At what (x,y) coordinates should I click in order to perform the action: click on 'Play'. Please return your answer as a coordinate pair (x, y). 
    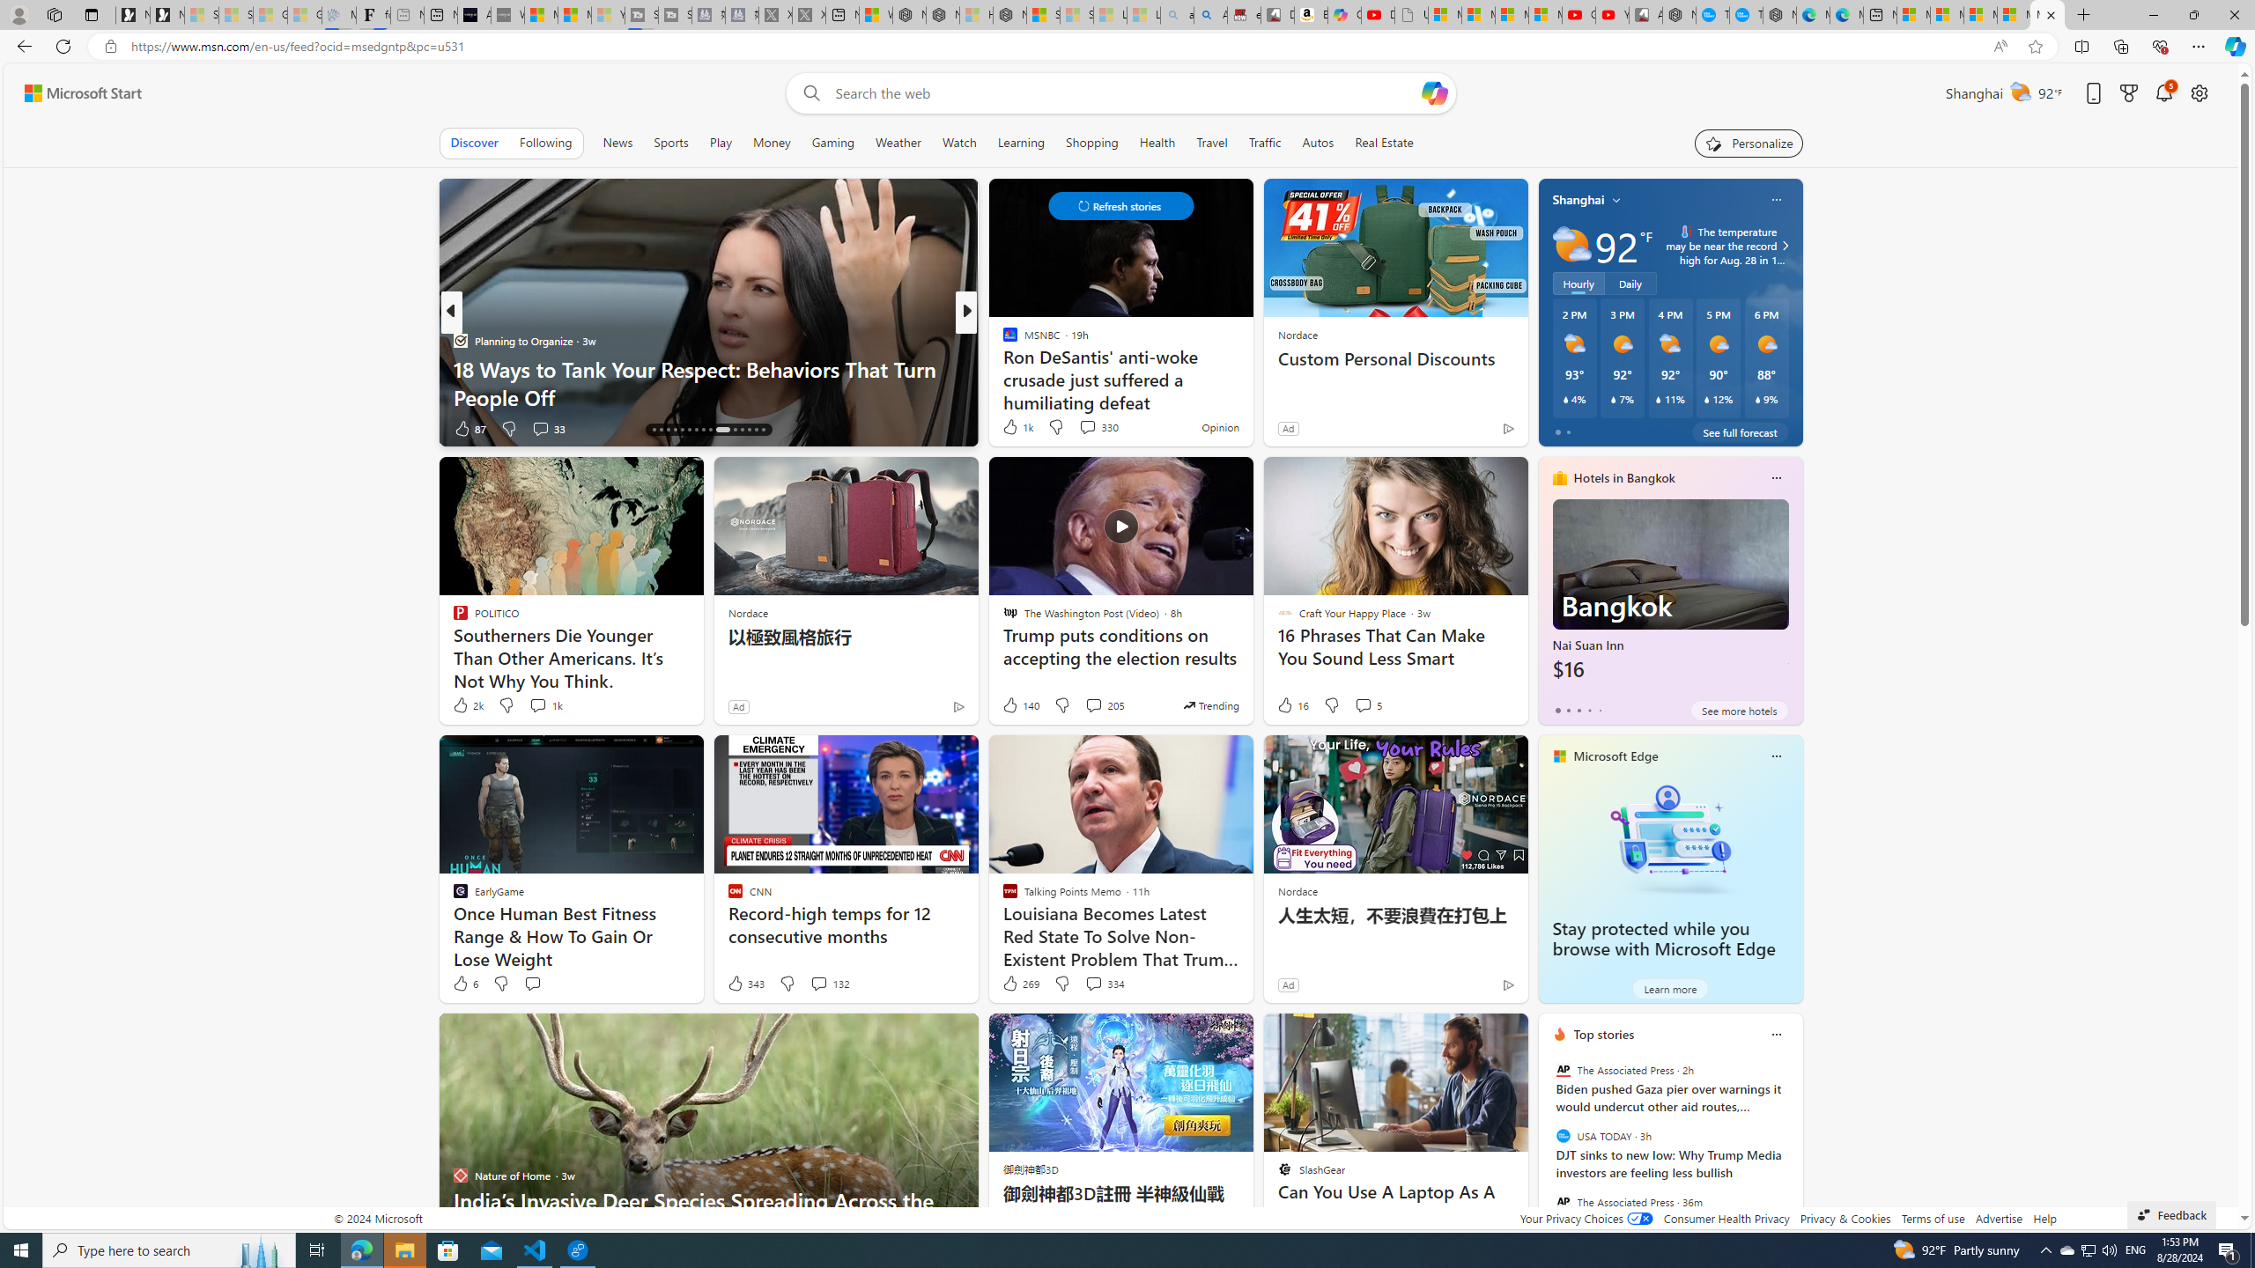
    Looking at the image, I should click on (719, 142).